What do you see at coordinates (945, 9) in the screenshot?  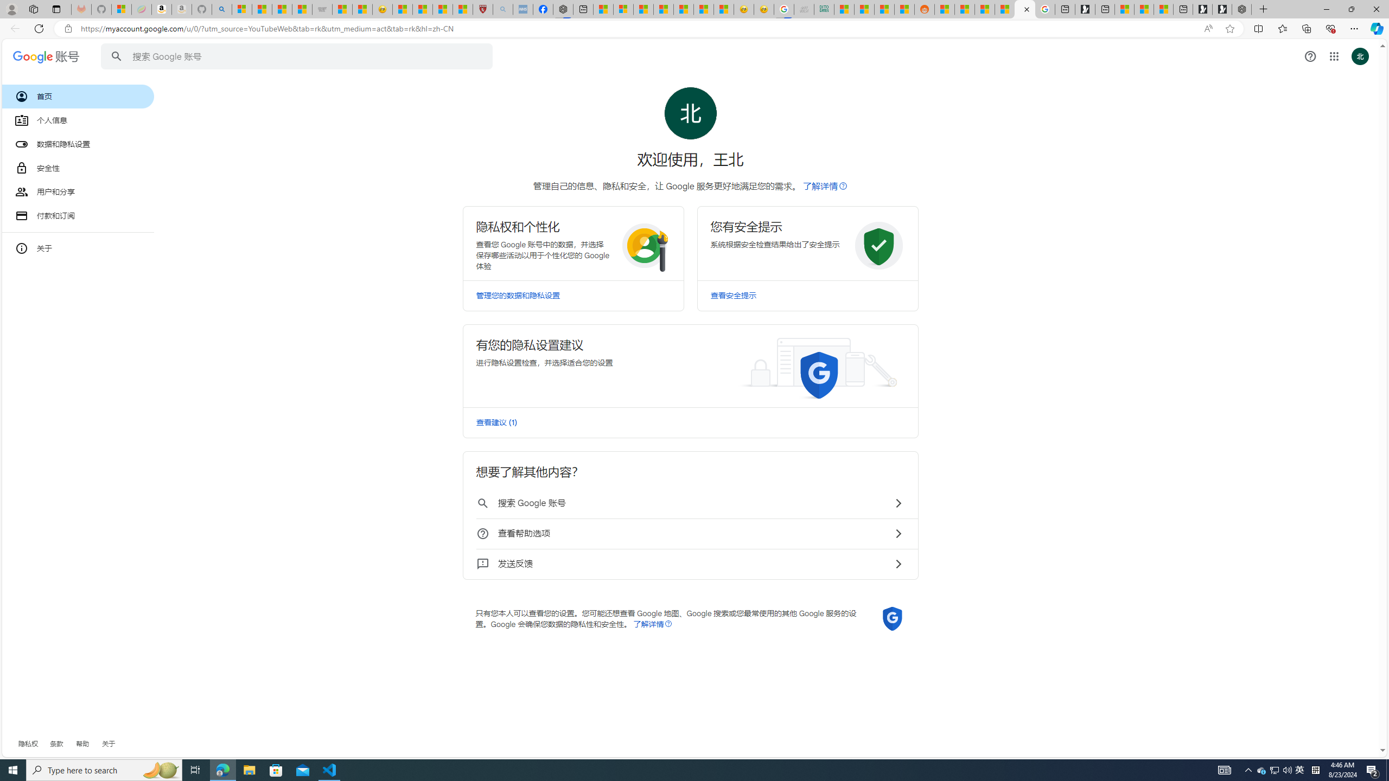 I see `'R******* | Trusted Community Engagement and Contributions'` at bounding box center [945, 9].